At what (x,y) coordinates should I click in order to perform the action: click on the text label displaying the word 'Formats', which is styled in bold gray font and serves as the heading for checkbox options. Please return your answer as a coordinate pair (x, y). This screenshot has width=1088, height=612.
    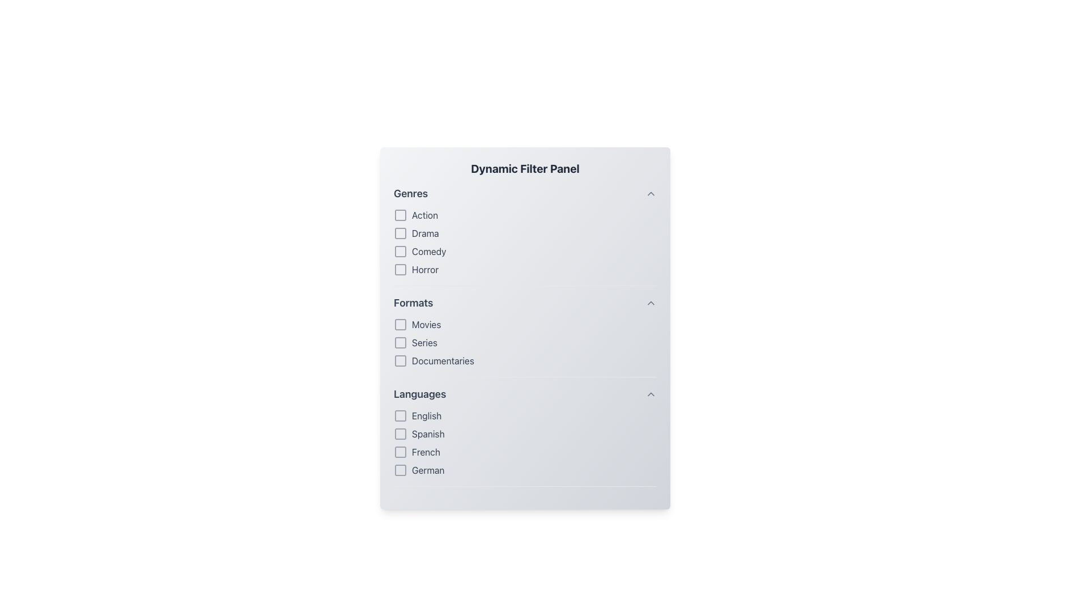
    Looking at the image, I should click on (413, 303).